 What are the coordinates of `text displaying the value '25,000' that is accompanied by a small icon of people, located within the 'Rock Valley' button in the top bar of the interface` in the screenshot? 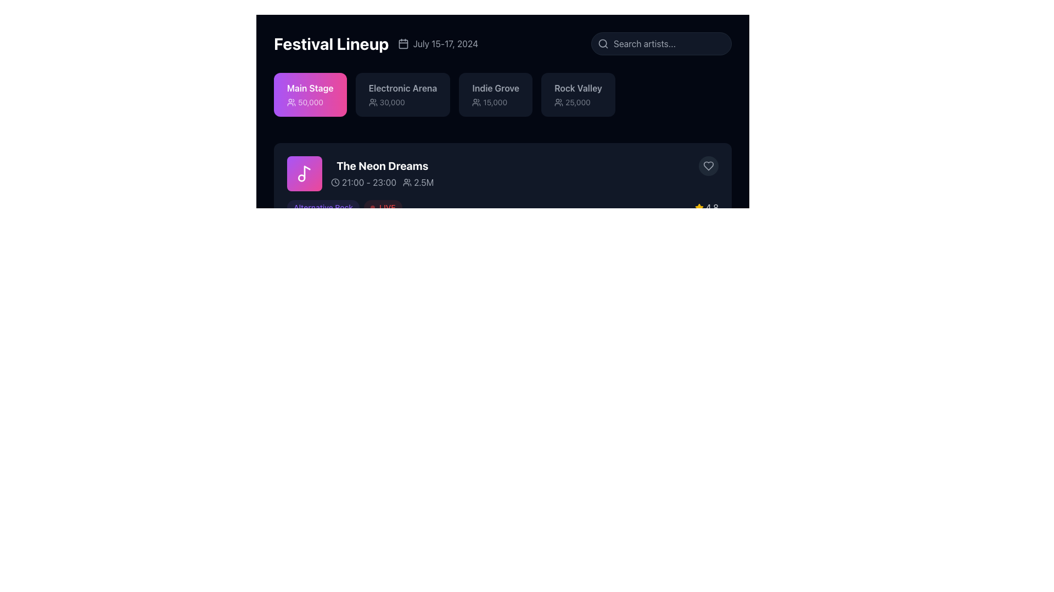 It's located at (578, 102).